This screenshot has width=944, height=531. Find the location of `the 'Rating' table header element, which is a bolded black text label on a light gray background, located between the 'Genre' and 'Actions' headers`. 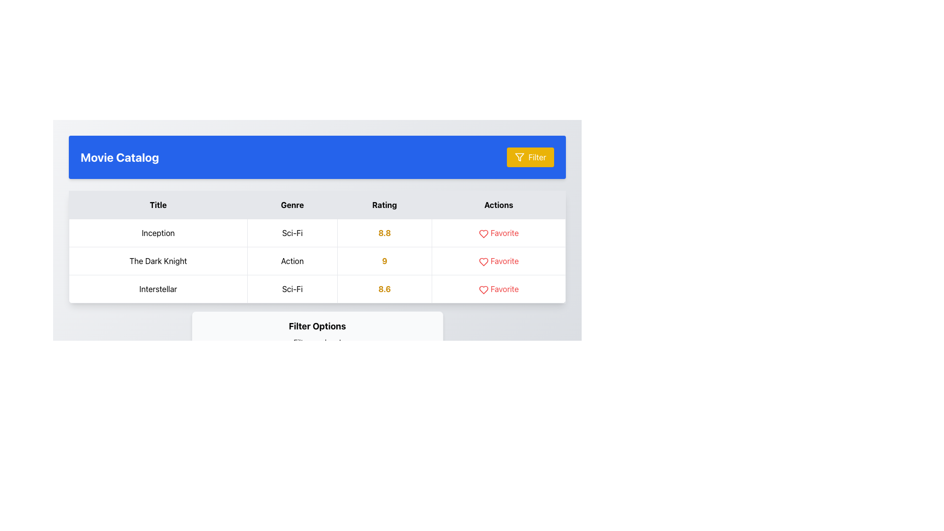

the 'Rating' table header element, which is a bolded black text label on a light gray background, located between the 'Genre' and 'Actions' headers is located at coordinates (384, 204).